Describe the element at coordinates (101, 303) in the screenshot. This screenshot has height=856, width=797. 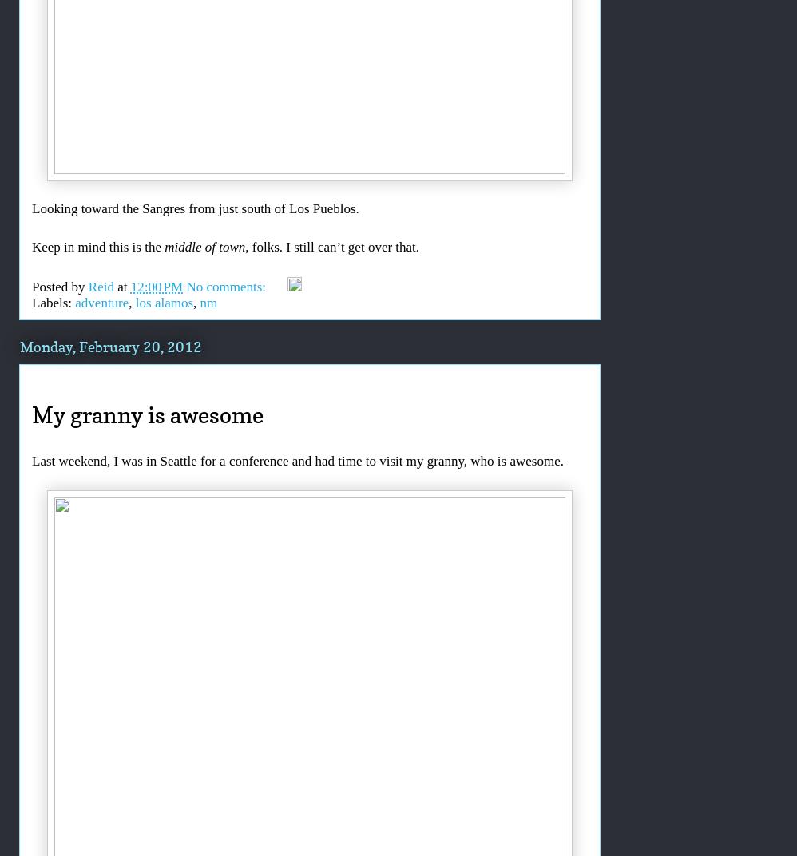
I see `'adventure'` at that location.